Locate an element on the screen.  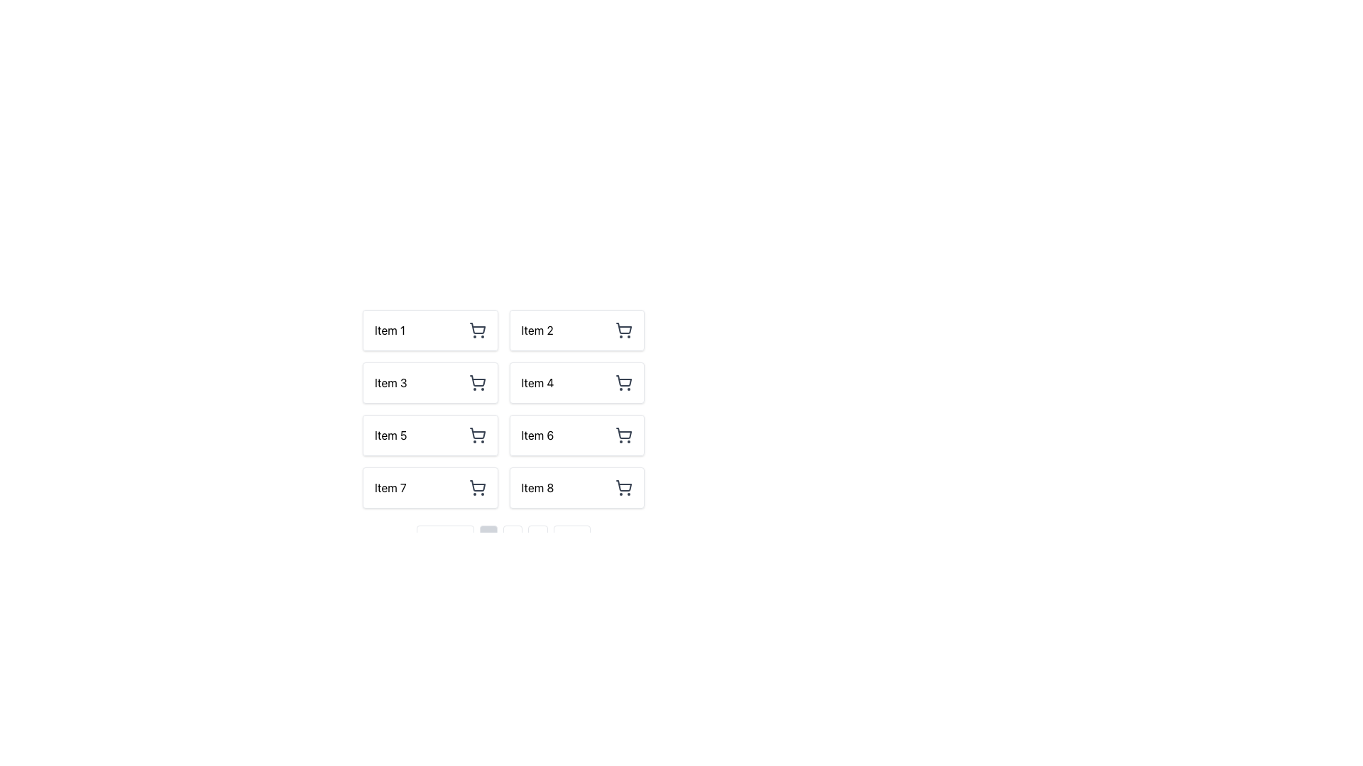
the shopping cart icon located to the right of the label 'Item 5' in the third row, left column of a two-column grid is located at coordinates (477, 434).